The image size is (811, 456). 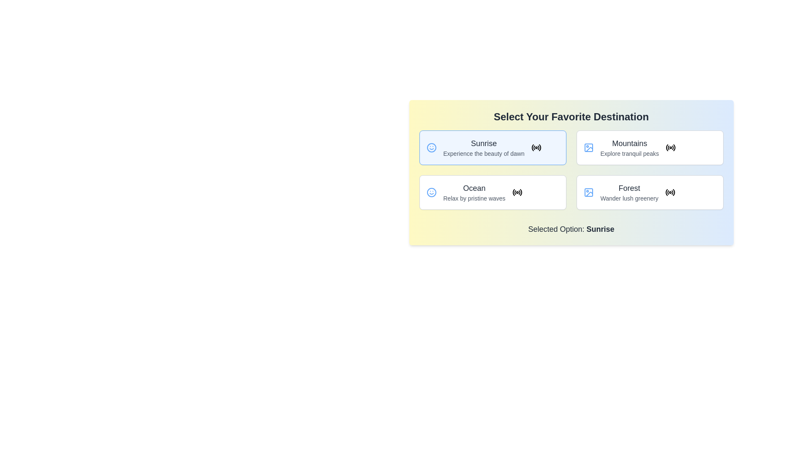 I want to click on the 'Sunrise' text label, which is styled in a large font size and dark gray color, positioned at the top of its card above the description within a blue-bordered card, so click(x=484, y=143).